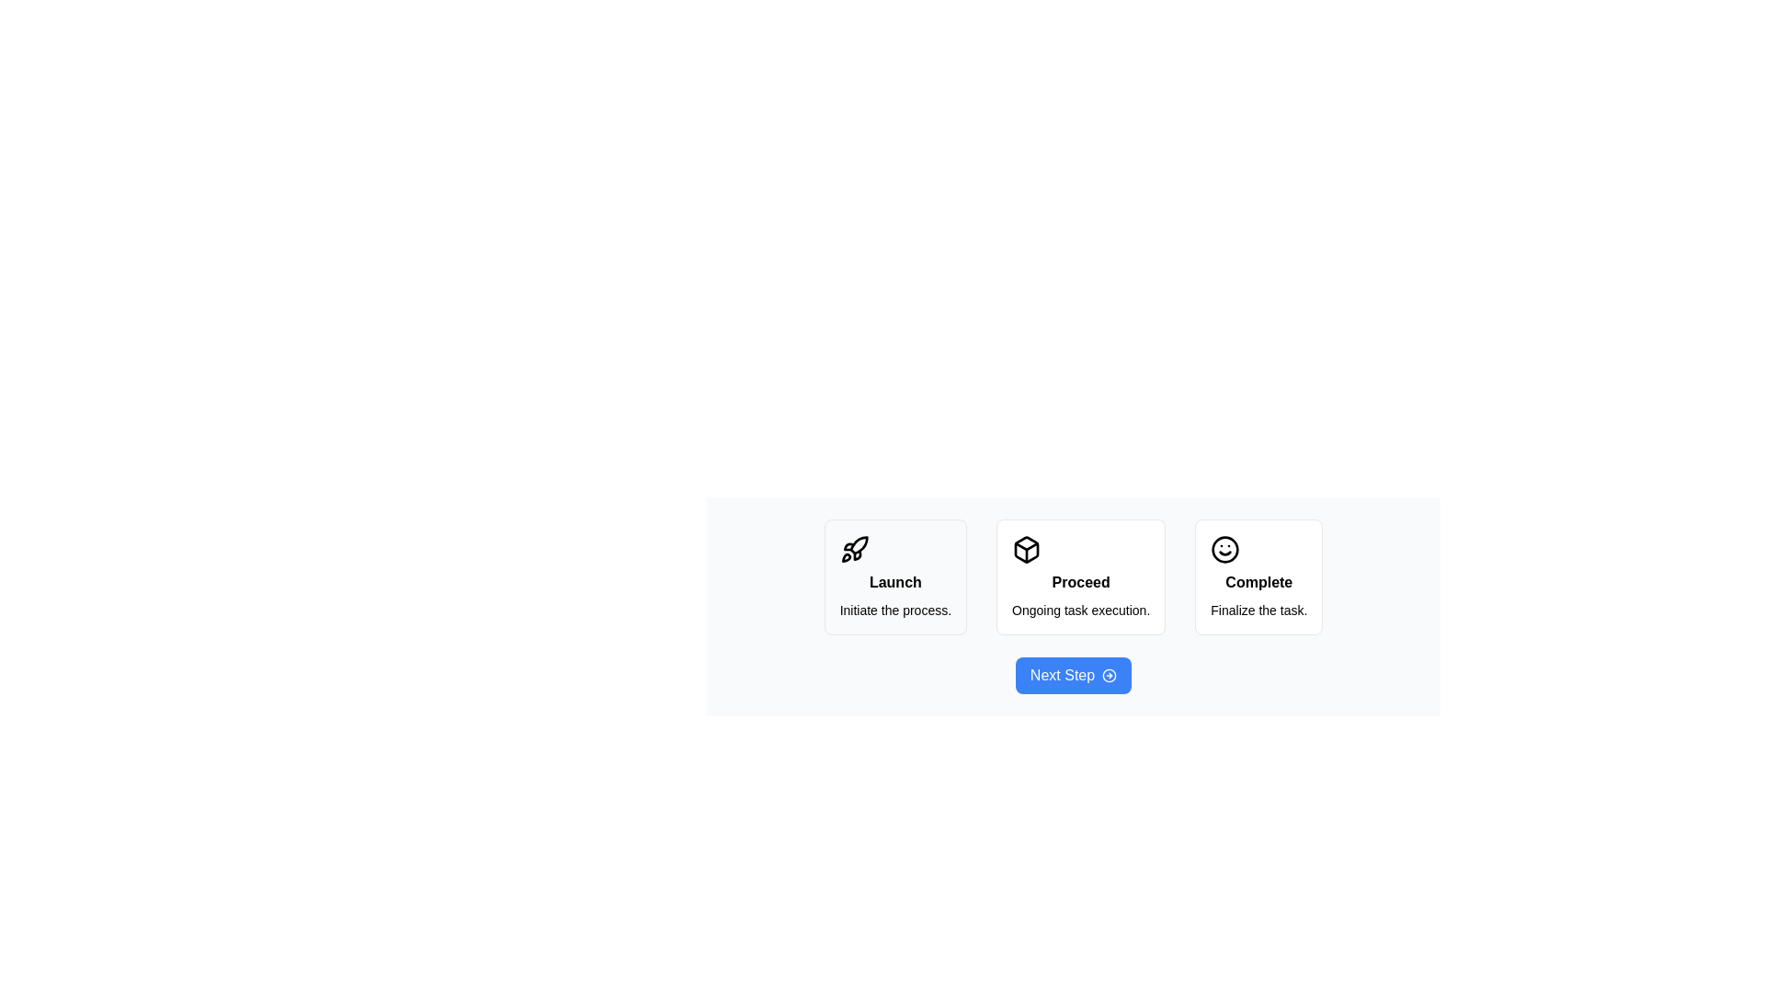  Describe the element at coordinates (1109, 676) in the screenshot. I see `the innermost circular shape of the circular-arrow icon located to the right of the 'Next Step' button at the bottom center of the interface` at that location.